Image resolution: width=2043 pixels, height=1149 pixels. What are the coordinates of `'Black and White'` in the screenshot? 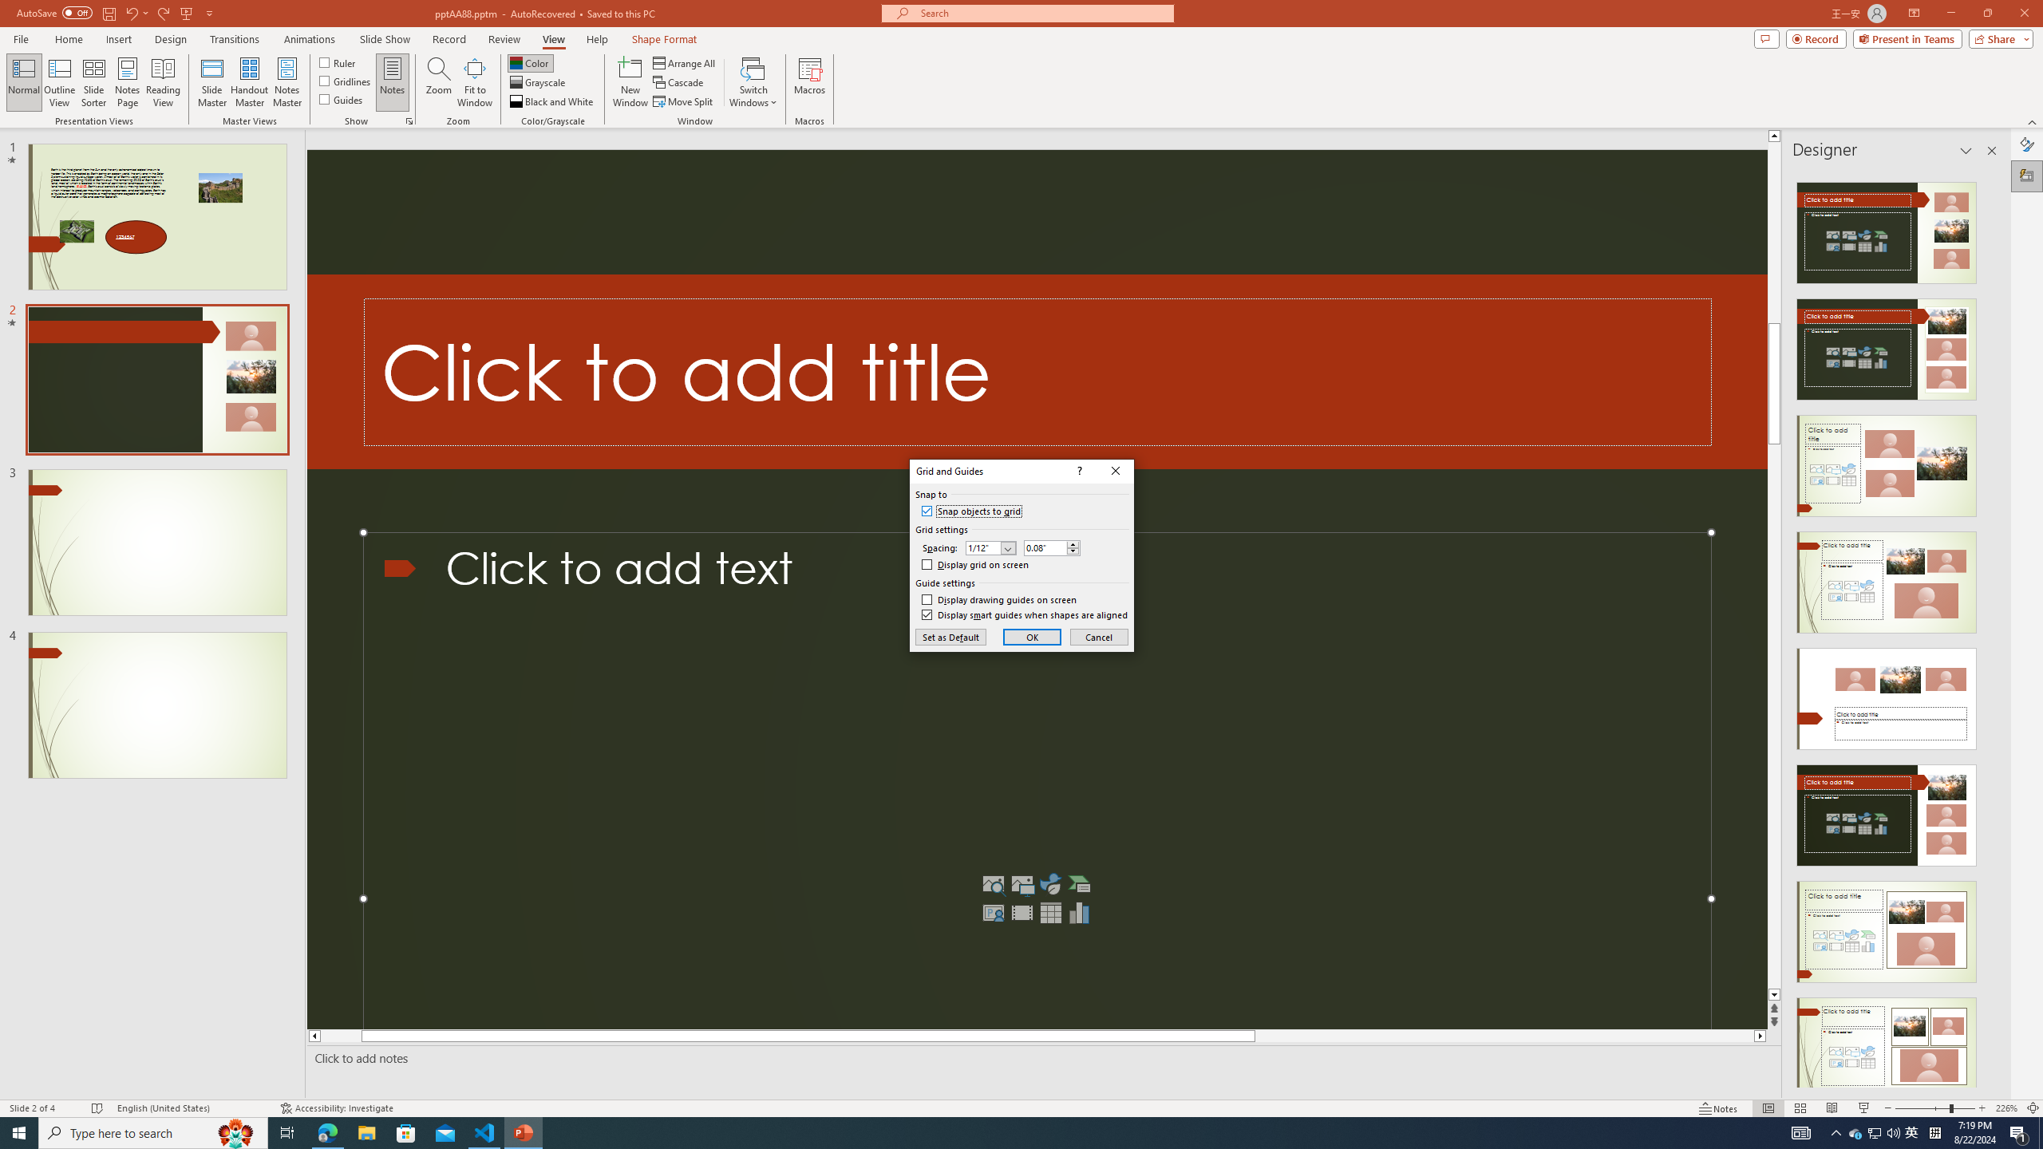 It's located at (552, 101).